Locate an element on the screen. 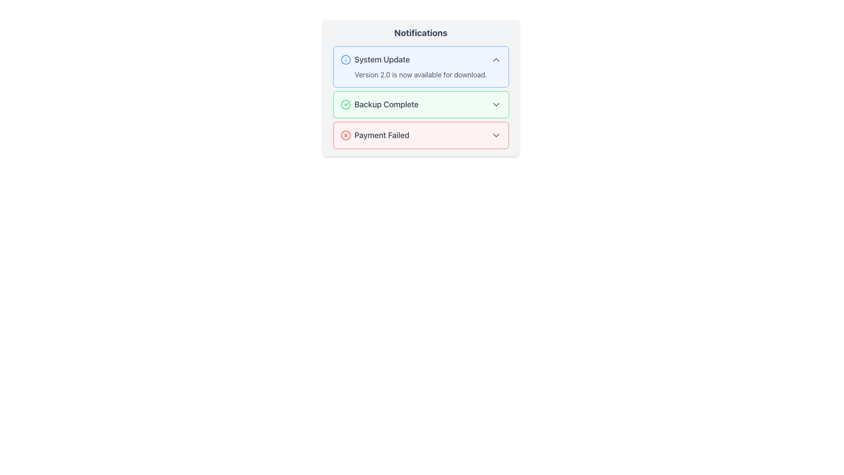 The height and width of the screenshot is (475, 844). text content of the Header label displaying 'System Update', which is located at the top of the notification items under 'Notifications' is located at coordinates (375, 59).